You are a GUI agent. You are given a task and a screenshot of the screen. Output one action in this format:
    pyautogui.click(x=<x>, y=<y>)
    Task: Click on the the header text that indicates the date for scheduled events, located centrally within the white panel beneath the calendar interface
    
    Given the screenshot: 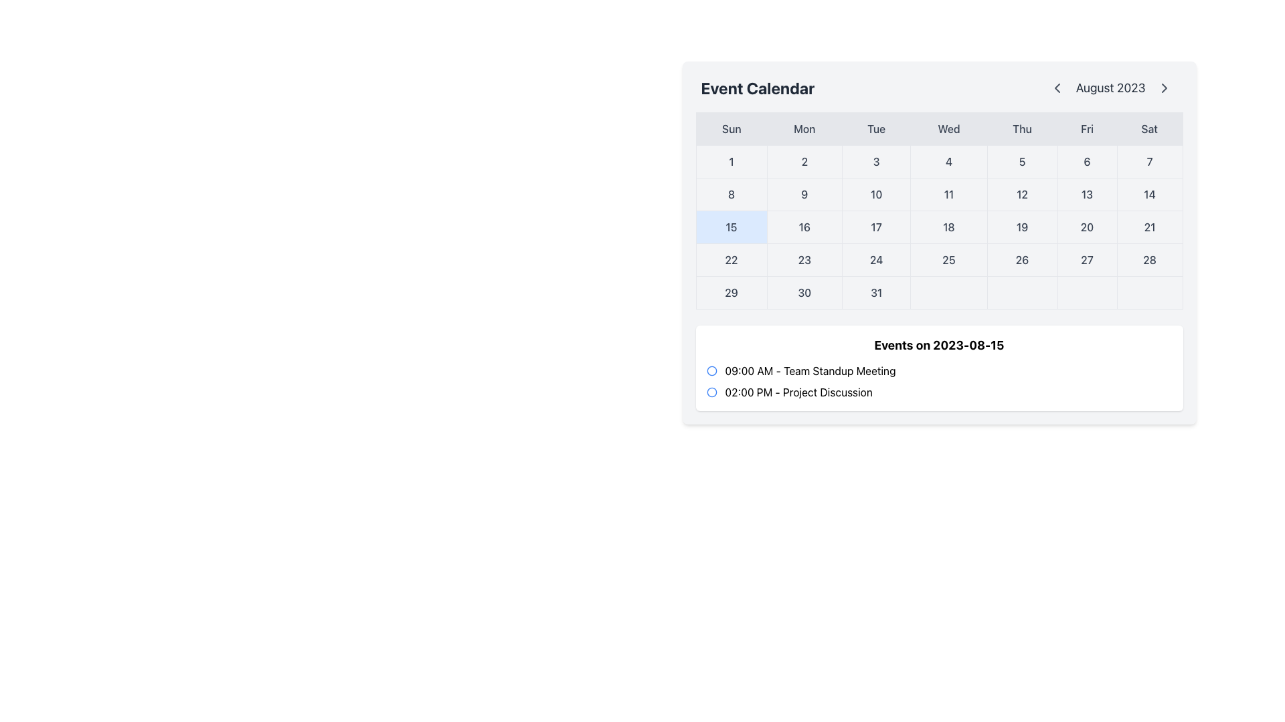 What is the action you would take?
    pyautogui.click(x=938, y=344)
    